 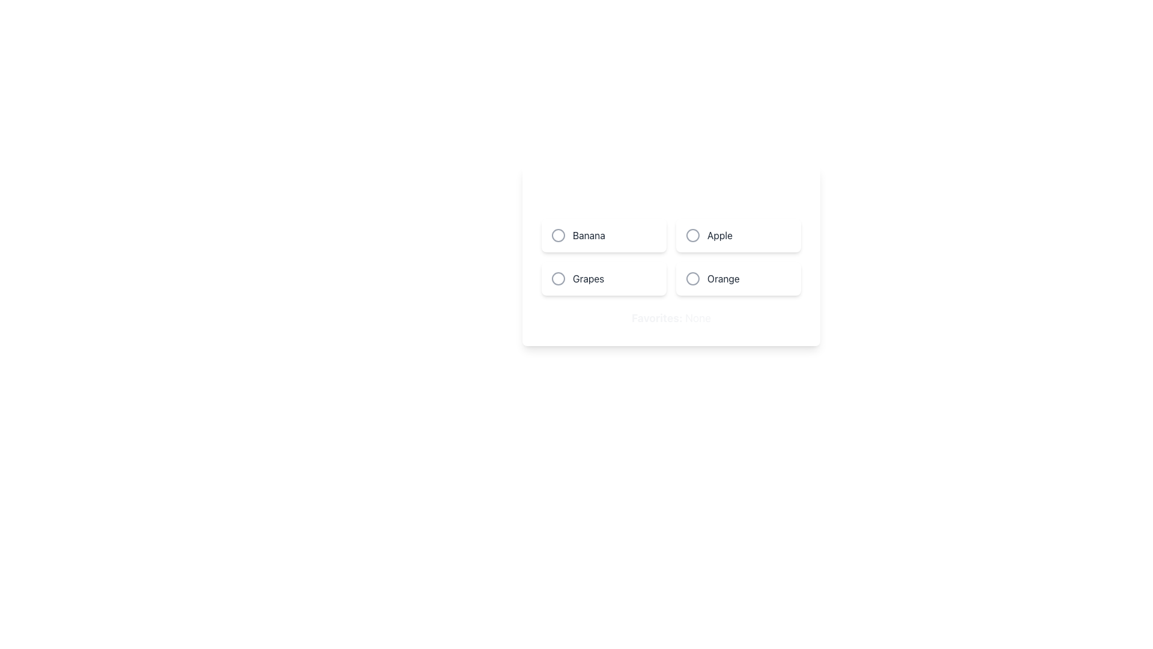 What do you see at coordinates (589, 278) in the screenshot?
I see `text label 'Grapes' which is located to the right of the circular icon in the lower-left corner of the options grid` at bounding box center [589, 278].